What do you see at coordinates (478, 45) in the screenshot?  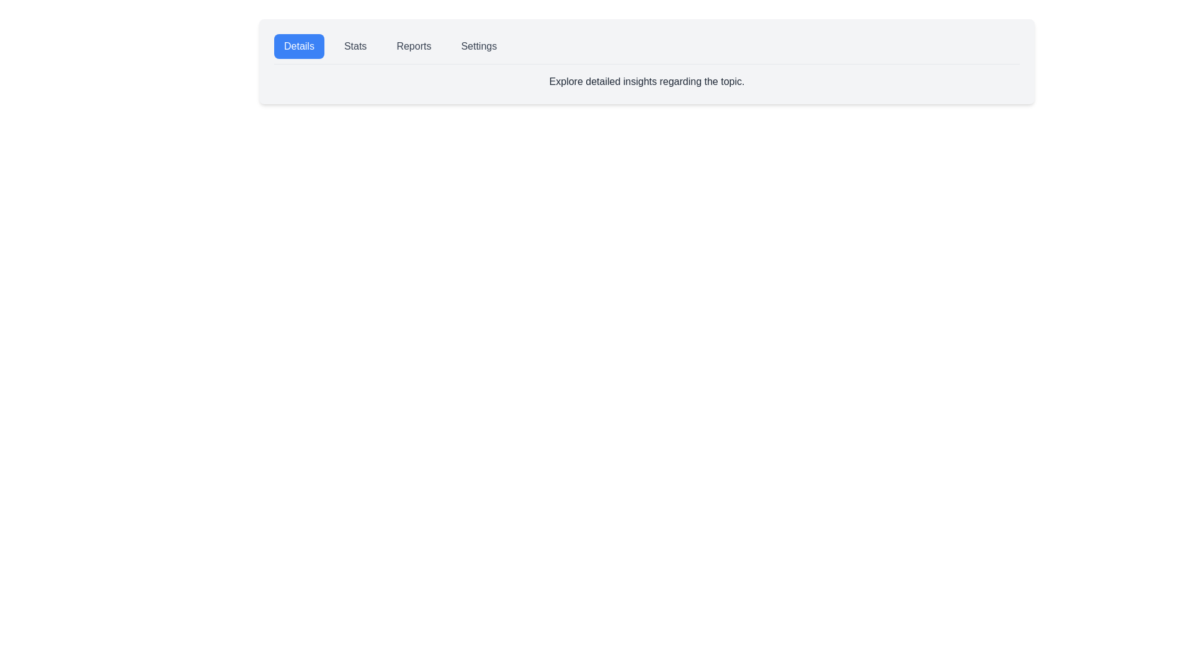 I see `the Settings tab` at bounding box center [478, 45].